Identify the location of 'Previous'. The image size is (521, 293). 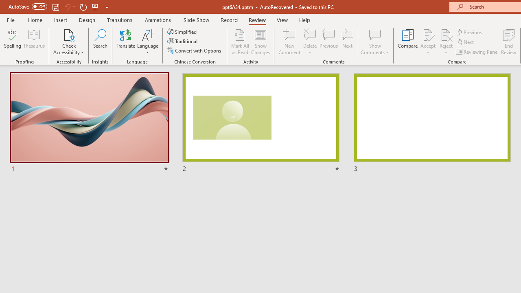
(469, 32).